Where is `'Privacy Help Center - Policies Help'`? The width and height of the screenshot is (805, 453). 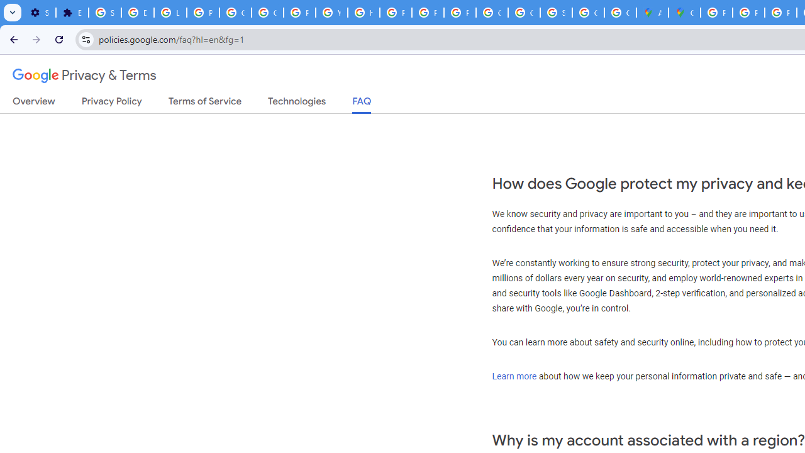
'Privacy Help Center - Policies Help' is located at coordinates (780, 13).